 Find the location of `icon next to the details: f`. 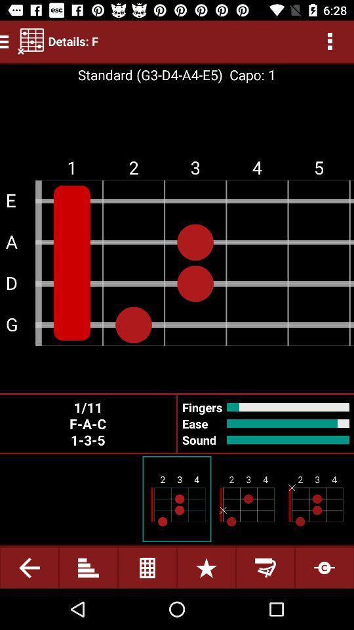

icon next to the details: f is located at coordinates (31, 41).